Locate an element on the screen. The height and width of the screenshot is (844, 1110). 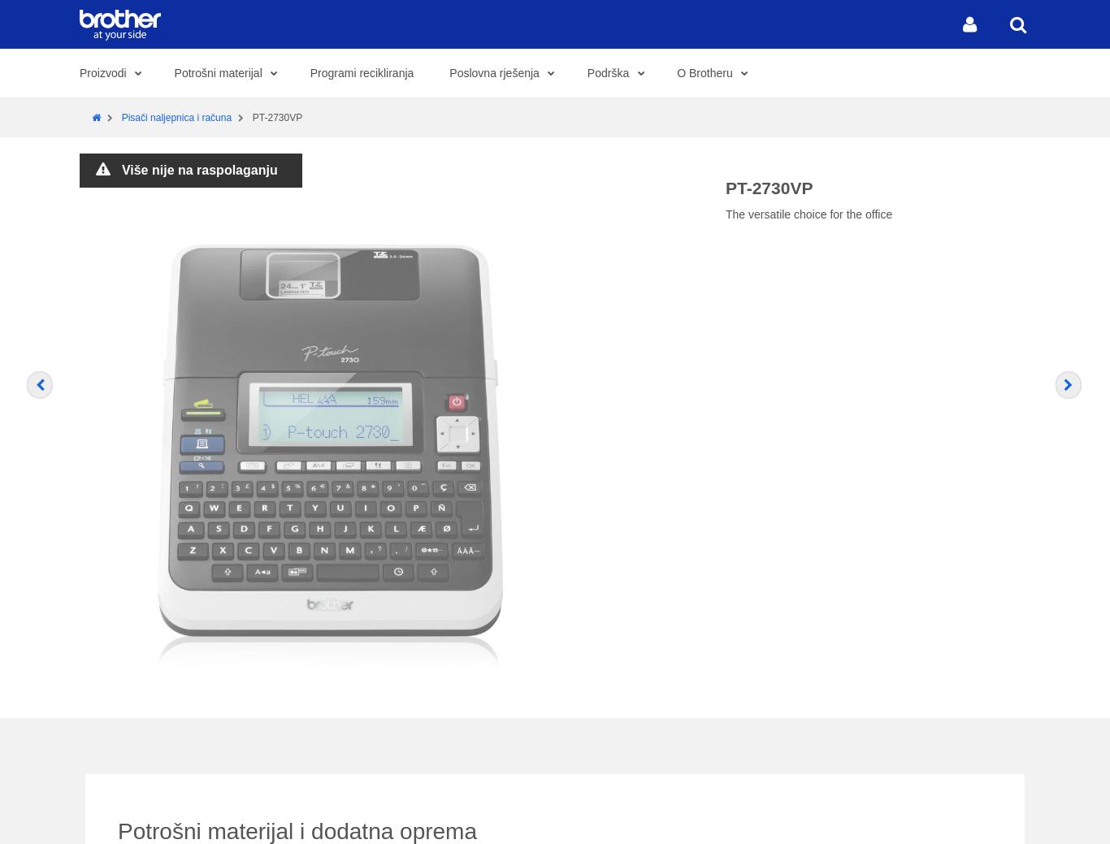
'Upute i priručnici' is located at coordinates (850, 789).